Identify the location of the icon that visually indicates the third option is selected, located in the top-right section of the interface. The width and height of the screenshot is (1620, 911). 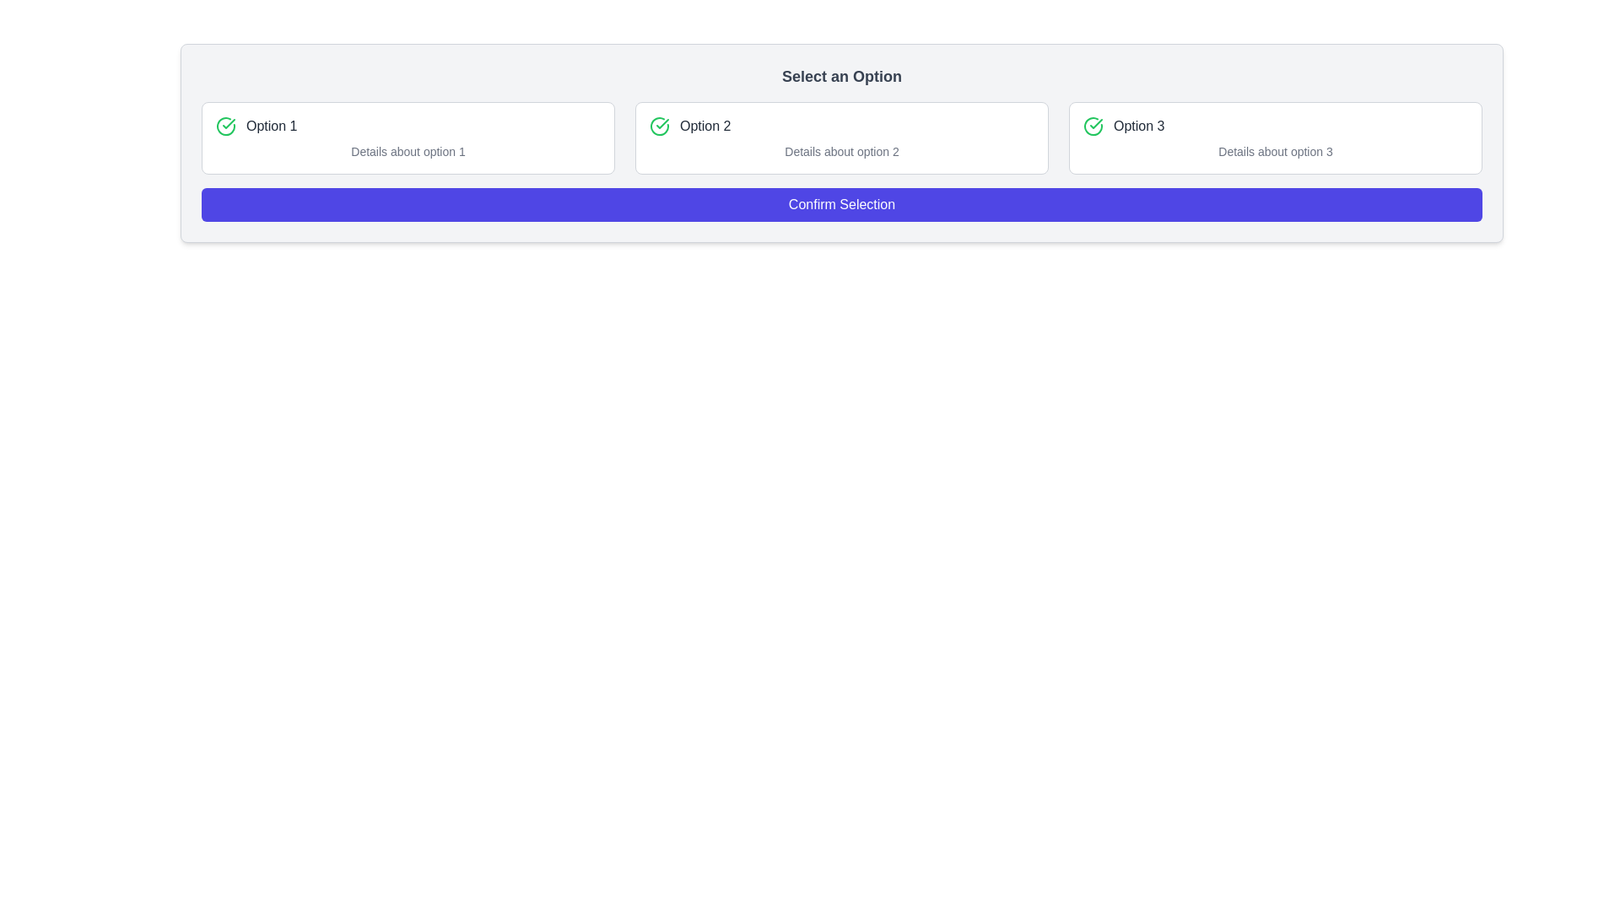
(1096, 122).